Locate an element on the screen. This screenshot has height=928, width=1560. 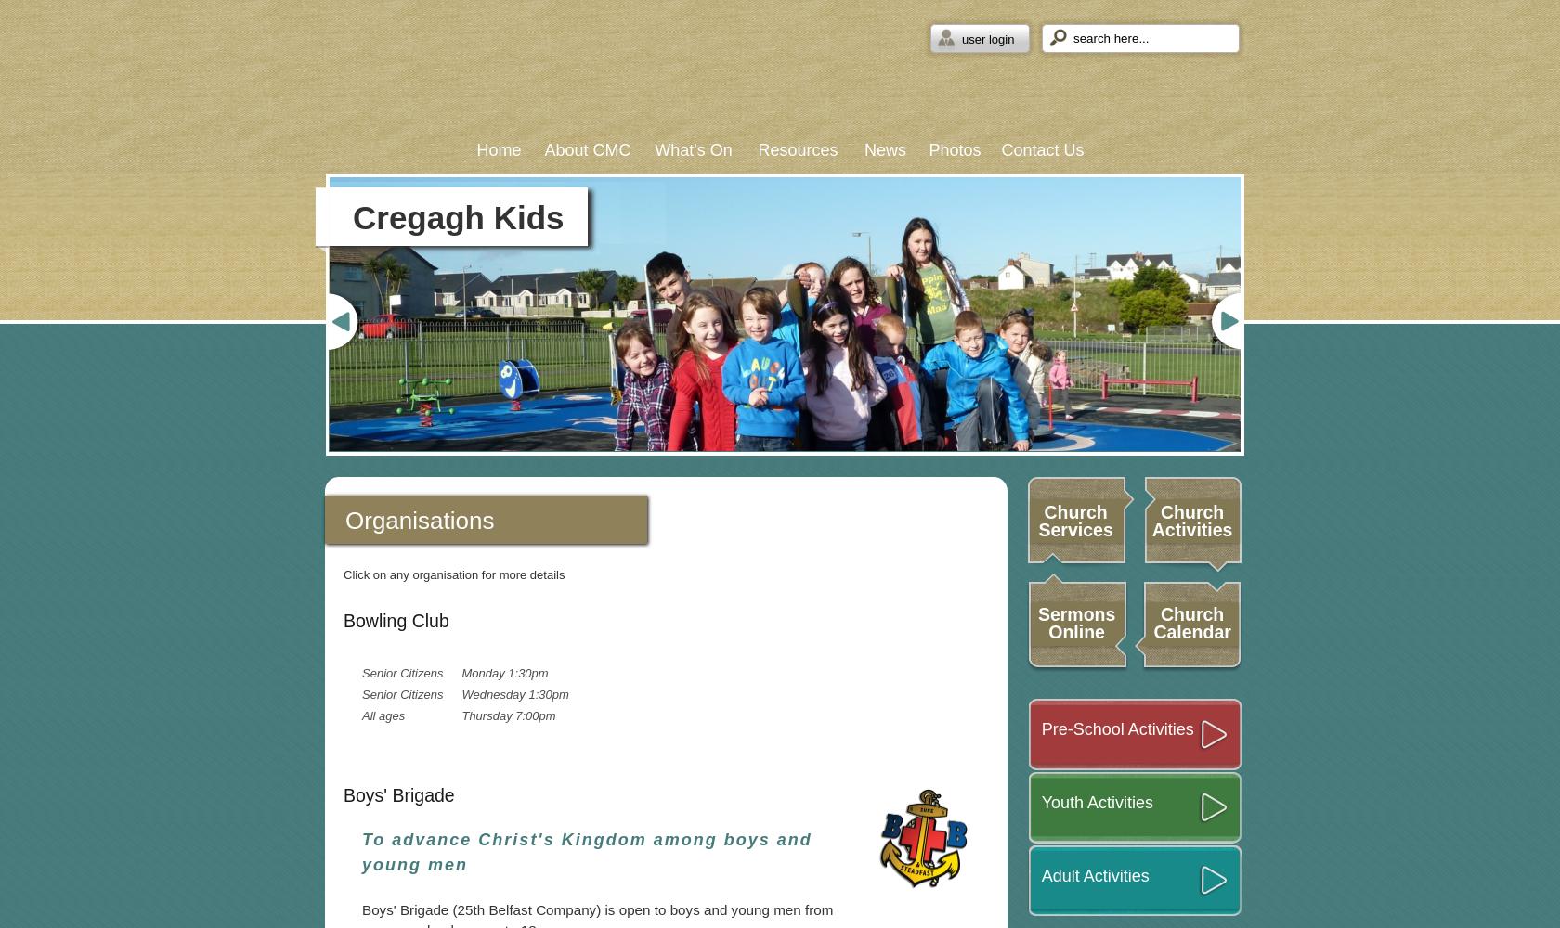
'Pre-School Activities' is located at coordinates (1117, 729).